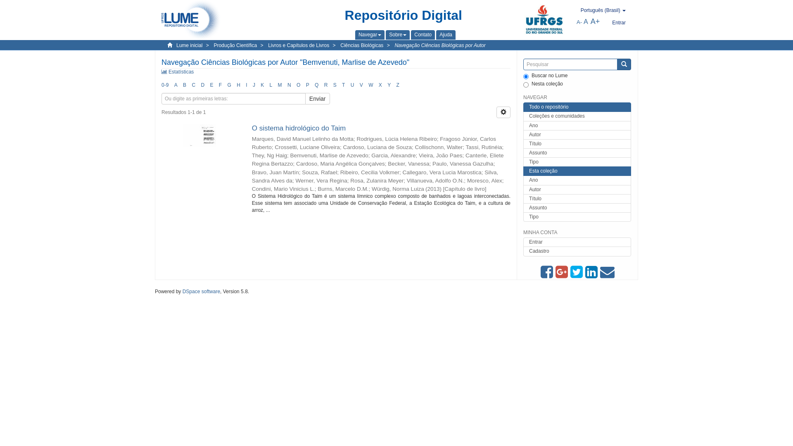 The width and height of the screenshot is (793, 446). What do you see at coordinates (298, 85) in the screenshot?
I see `'O'` at bounding box center [298, 85].